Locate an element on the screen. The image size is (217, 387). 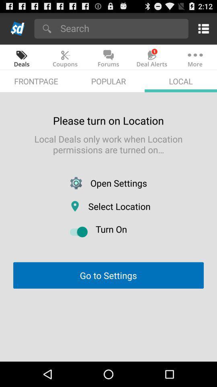
frontpage icon is located at coordinates (36, 81).